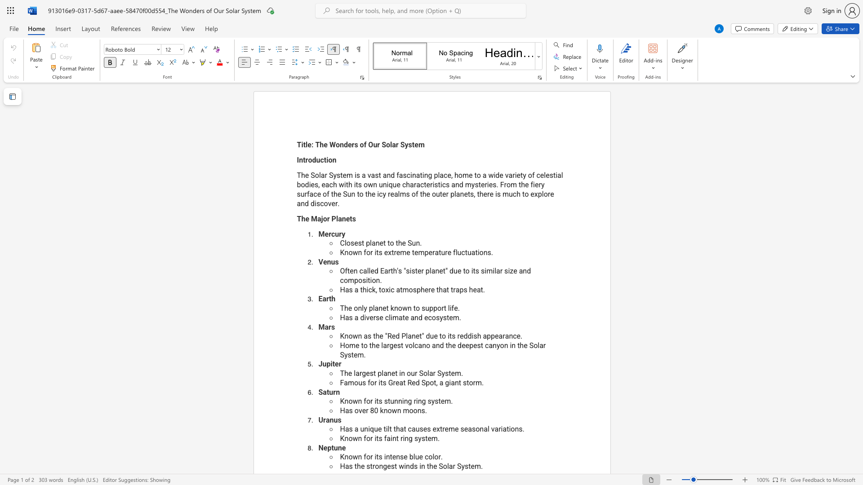 This screenshot has height=485, width=863. What do you see at coordinates (418, 144) in the screenshot?
I see `the space between the continuous character "e" and "m" in the text` at bounding box center [418, 144].